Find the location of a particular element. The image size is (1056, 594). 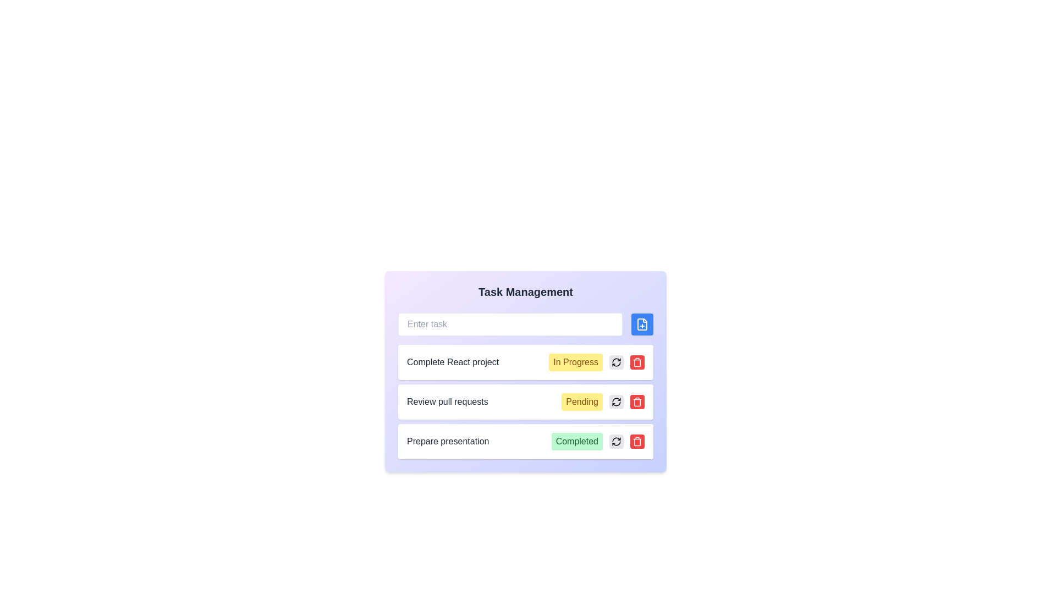

the delete button on the Task entry component labeled 'Prepare presentation' is located at coordinates (525, 441).